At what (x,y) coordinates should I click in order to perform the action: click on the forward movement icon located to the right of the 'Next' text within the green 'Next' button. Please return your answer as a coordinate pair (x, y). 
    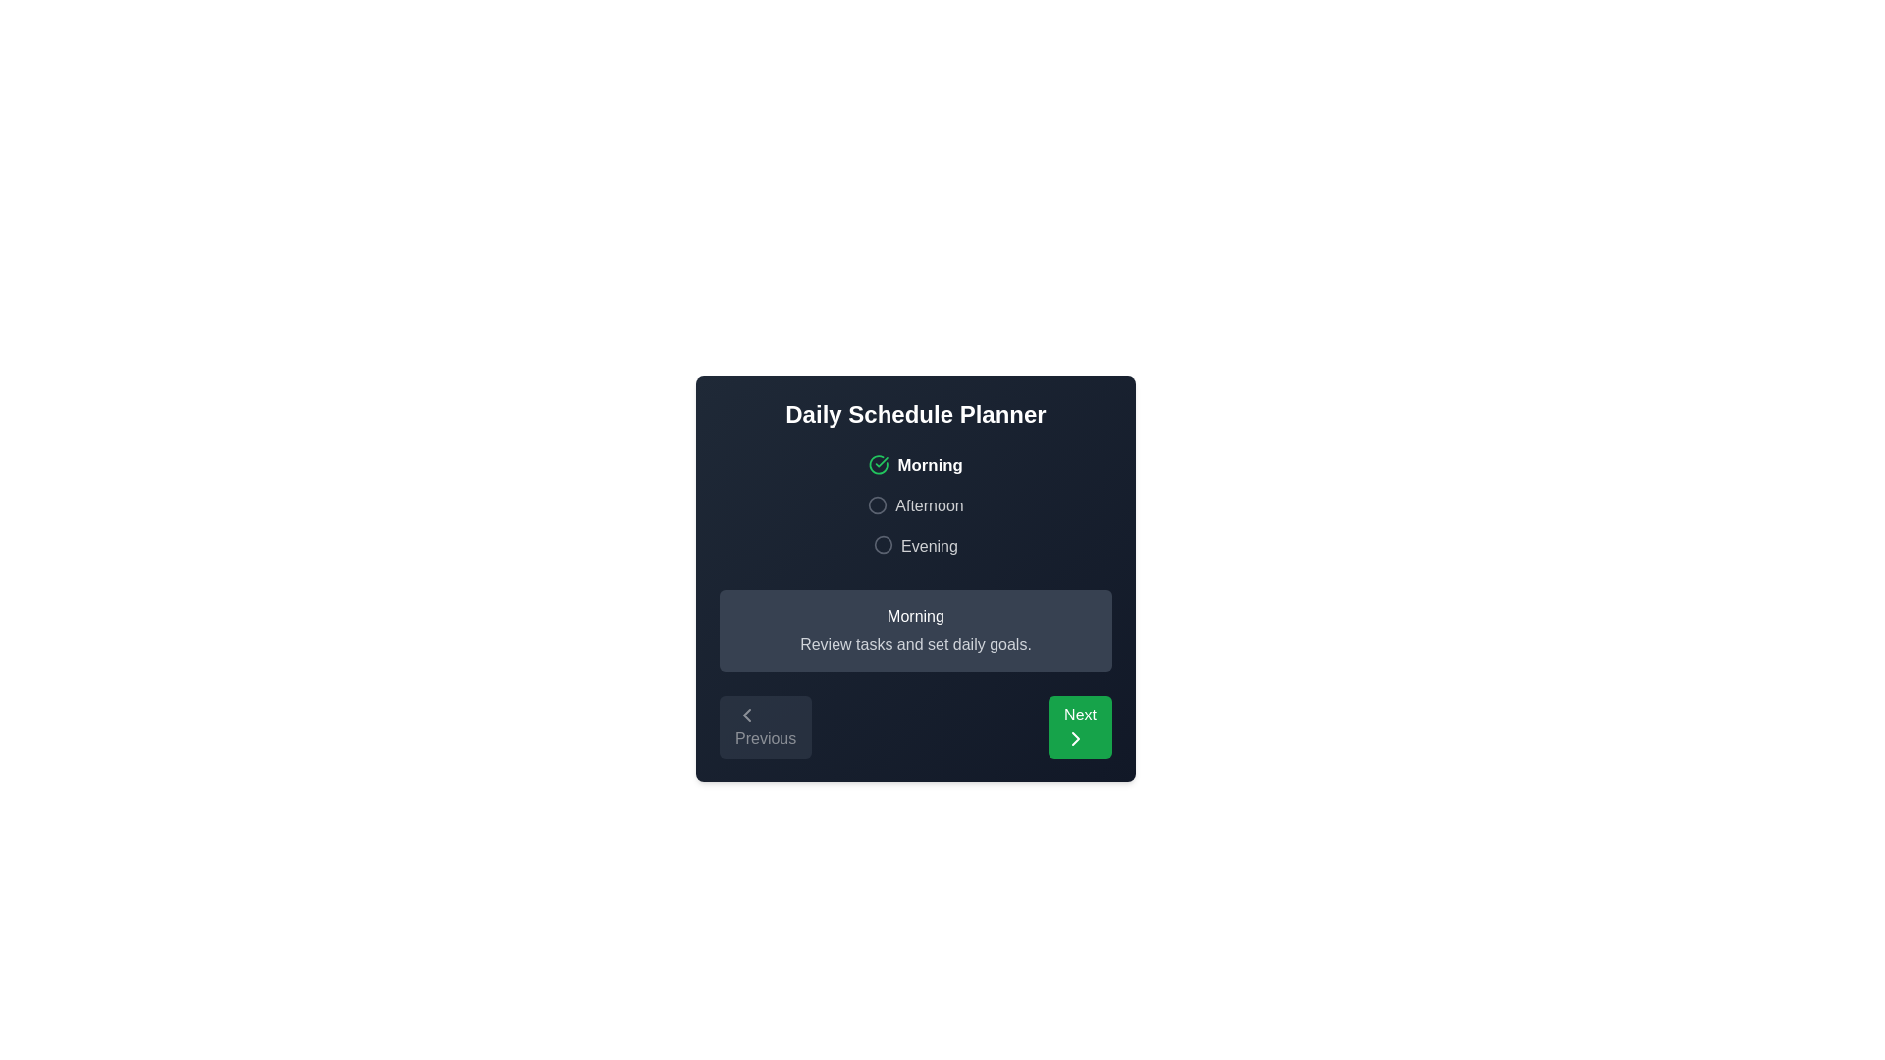
    Looking at the image, I should click on (1075, 739).